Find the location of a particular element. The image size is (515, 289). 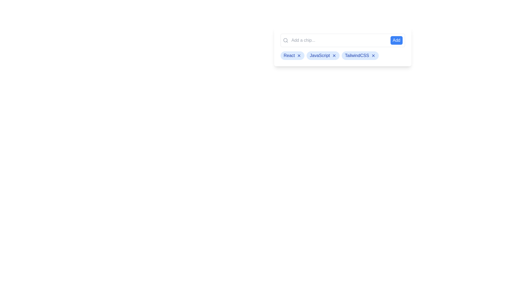

'X' button on the chip labeled TailwindCSS to remove it is located at coordinates (373, 56).